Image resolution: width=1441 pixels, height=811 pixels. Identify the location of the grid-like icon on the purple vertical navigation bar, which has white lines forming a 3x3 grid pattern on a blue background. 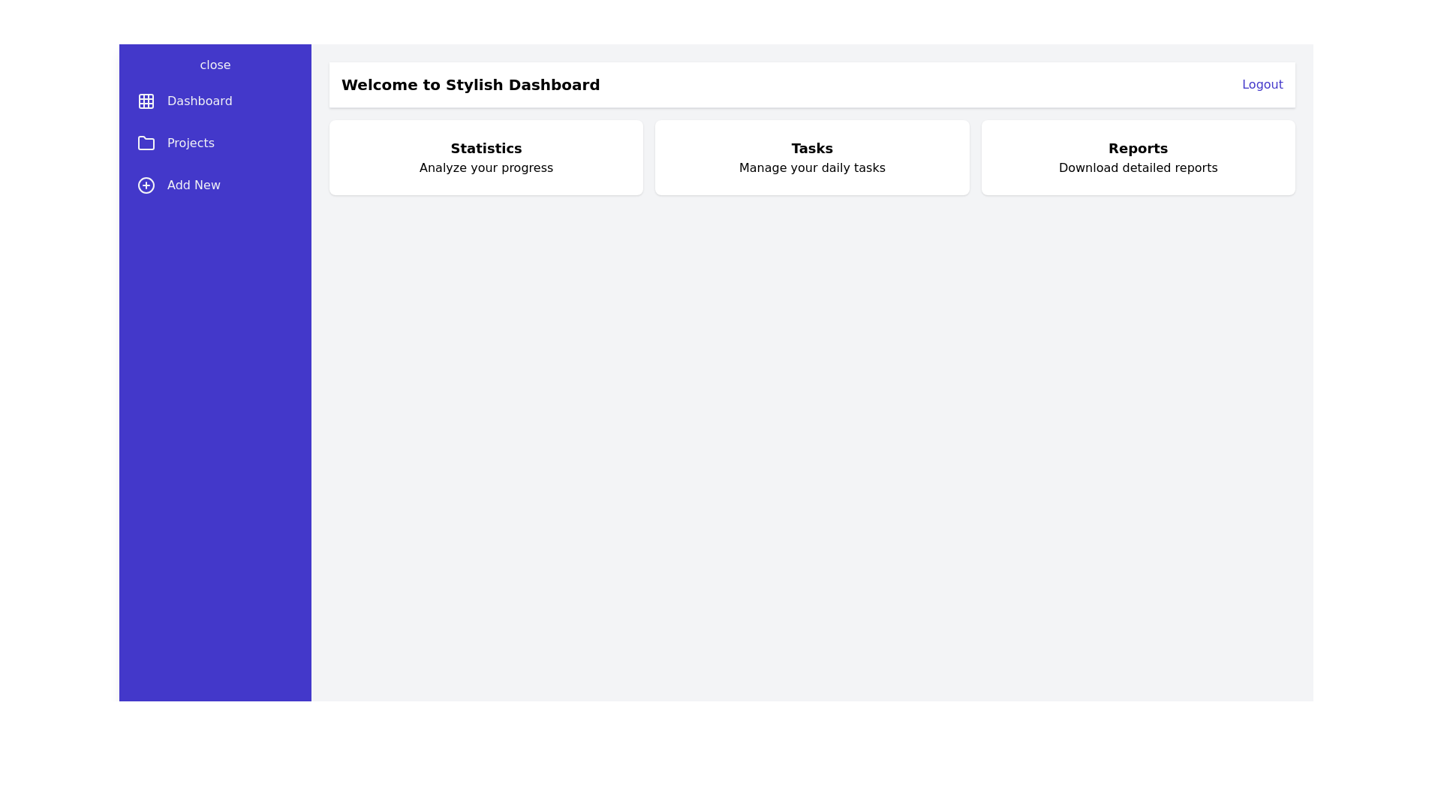
(146, 101).